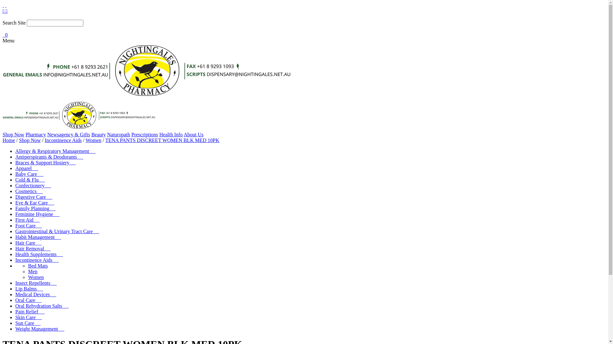 This screenshot has height=344, width=613. What do you see at coordinates (39, 254) in the screenshot?
I see `'Health Supplements     '` at bounding box center [39, 254].